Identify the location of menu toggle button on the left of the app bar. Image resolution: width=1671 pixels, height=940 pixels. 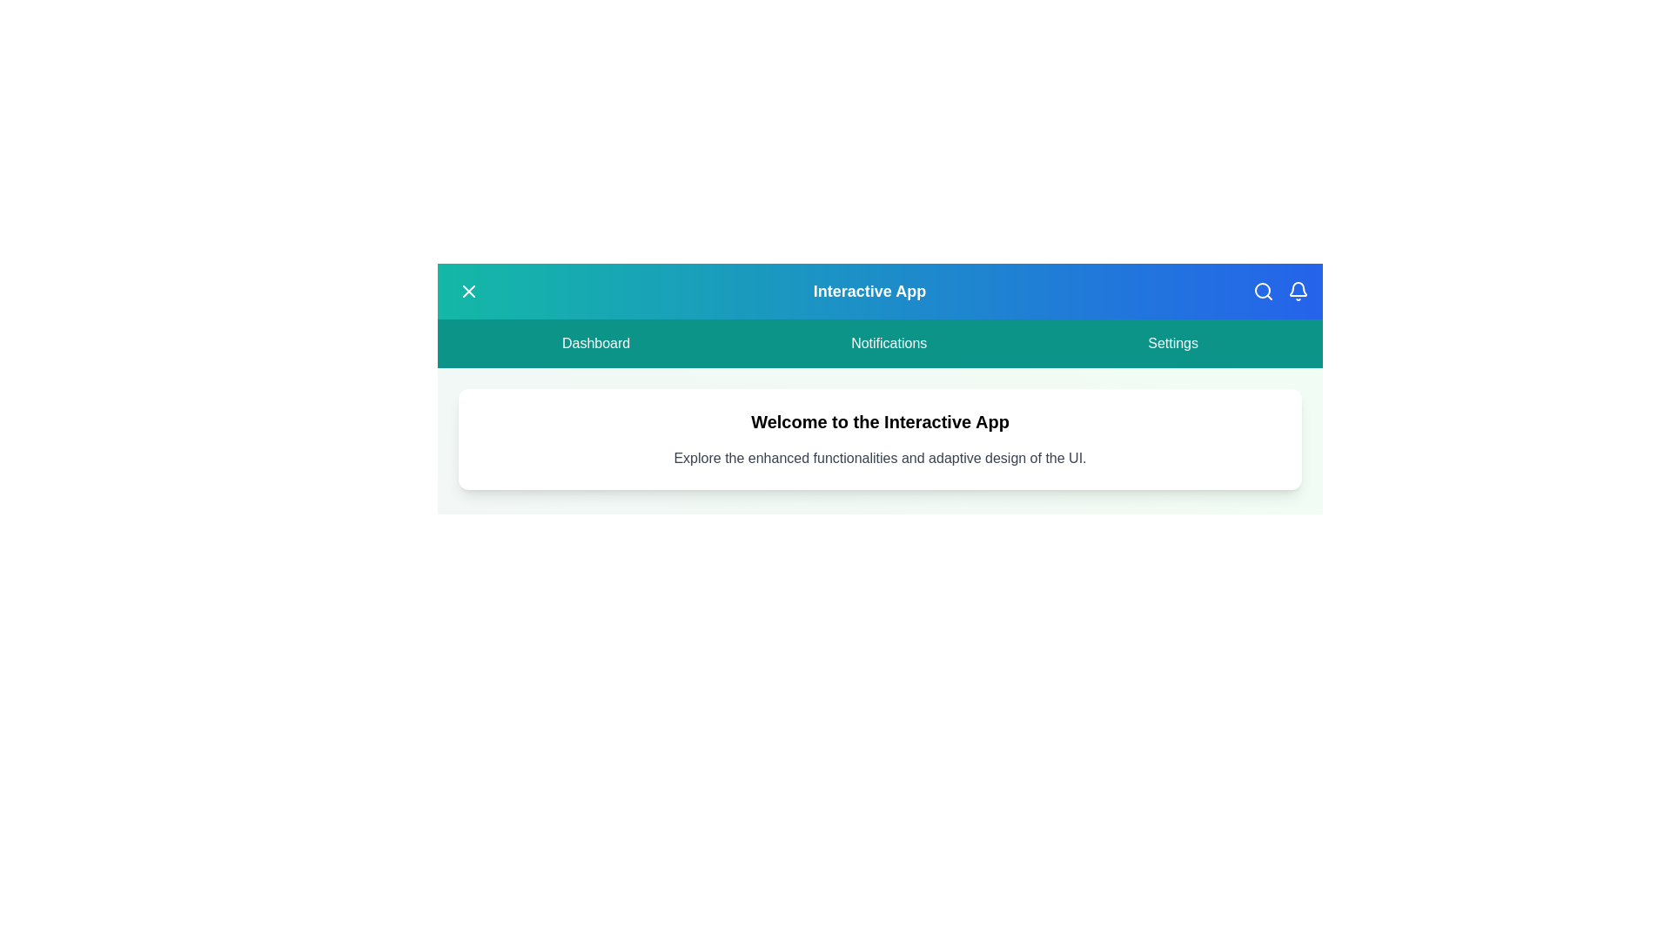
(468, 291).